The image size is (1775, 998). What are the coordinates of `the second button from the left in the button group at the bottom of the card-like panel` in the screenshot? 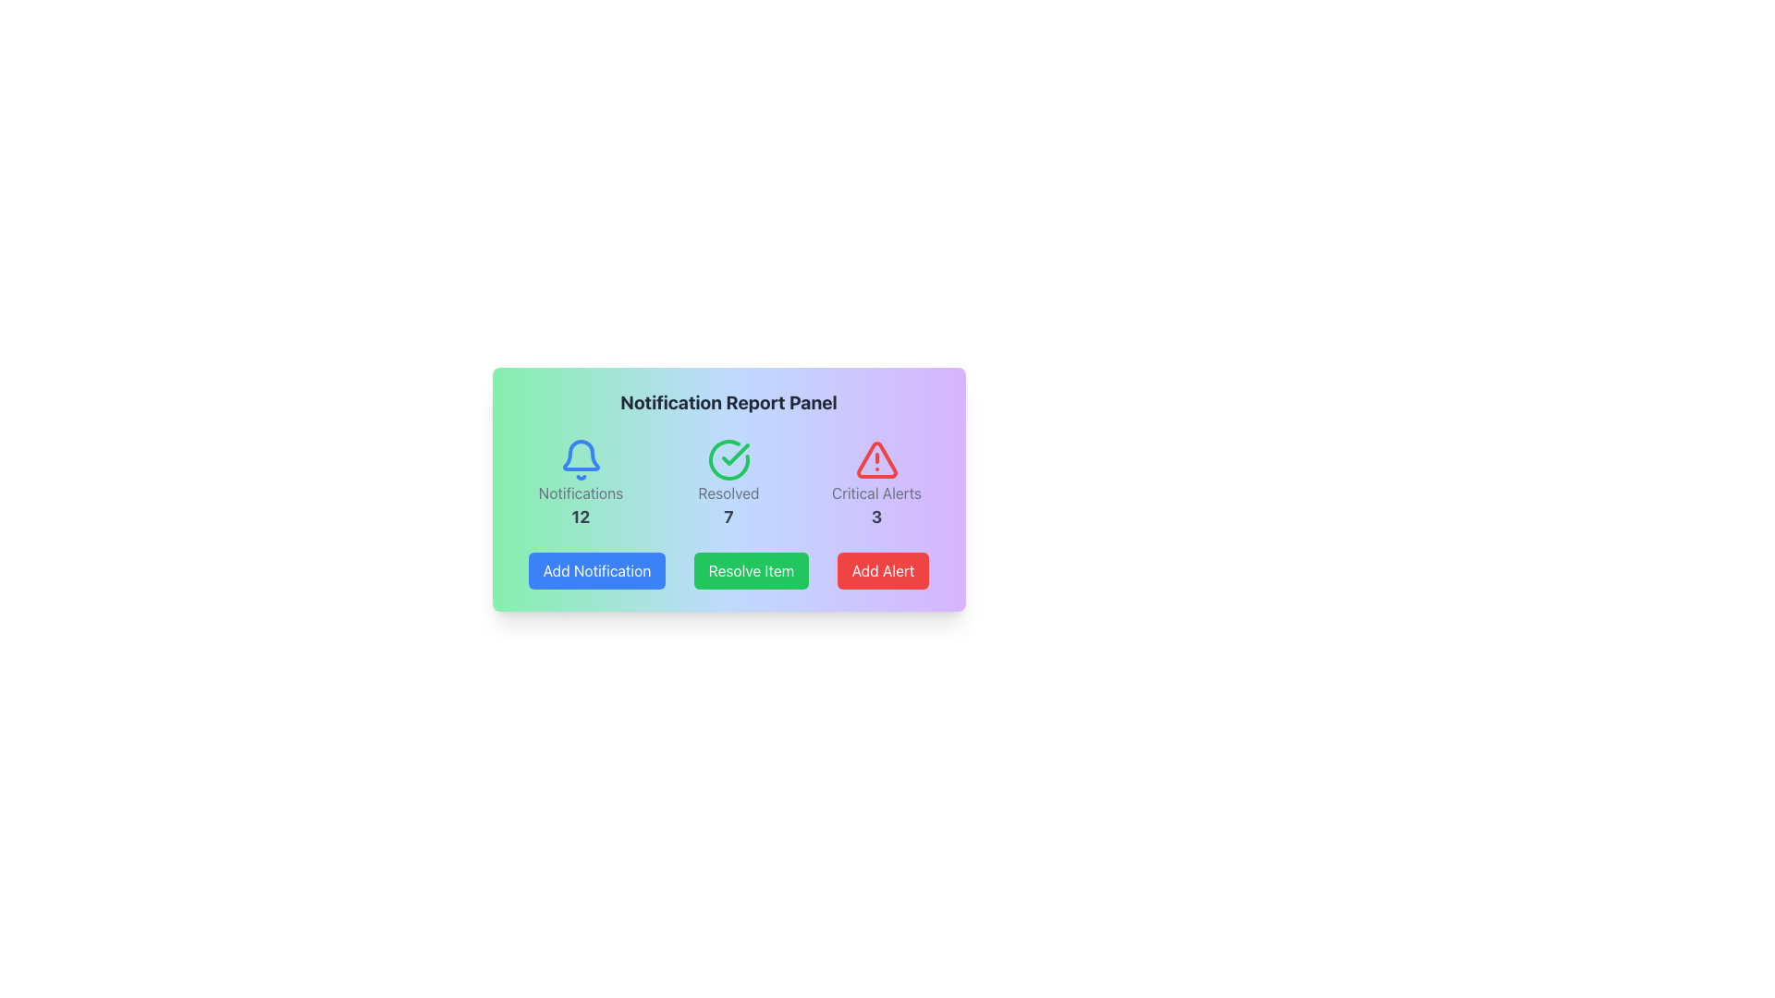 It's located at (751, 569).